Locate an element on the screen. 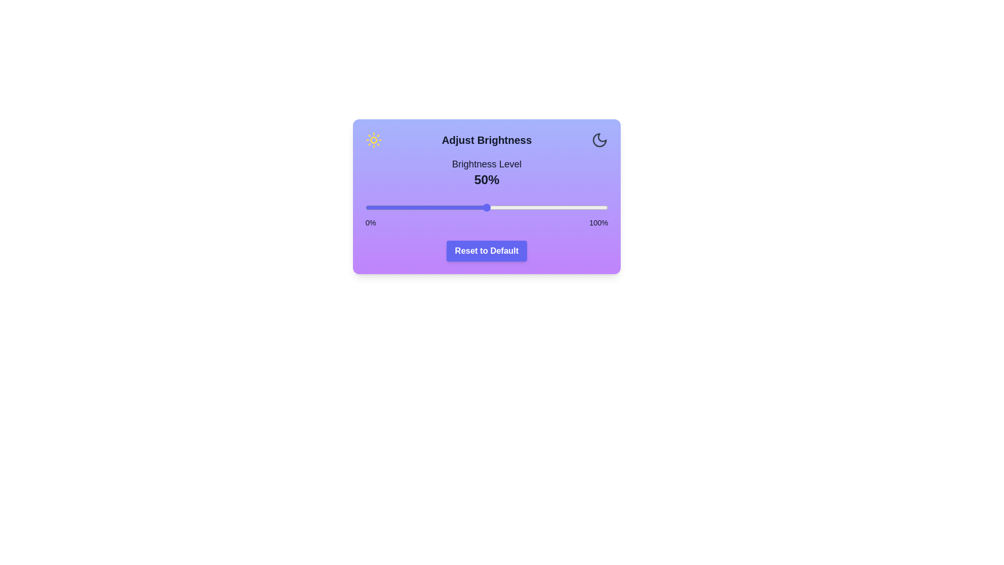  'Reset to Default' button to reset the brightness is located at coordinates (486, 251).